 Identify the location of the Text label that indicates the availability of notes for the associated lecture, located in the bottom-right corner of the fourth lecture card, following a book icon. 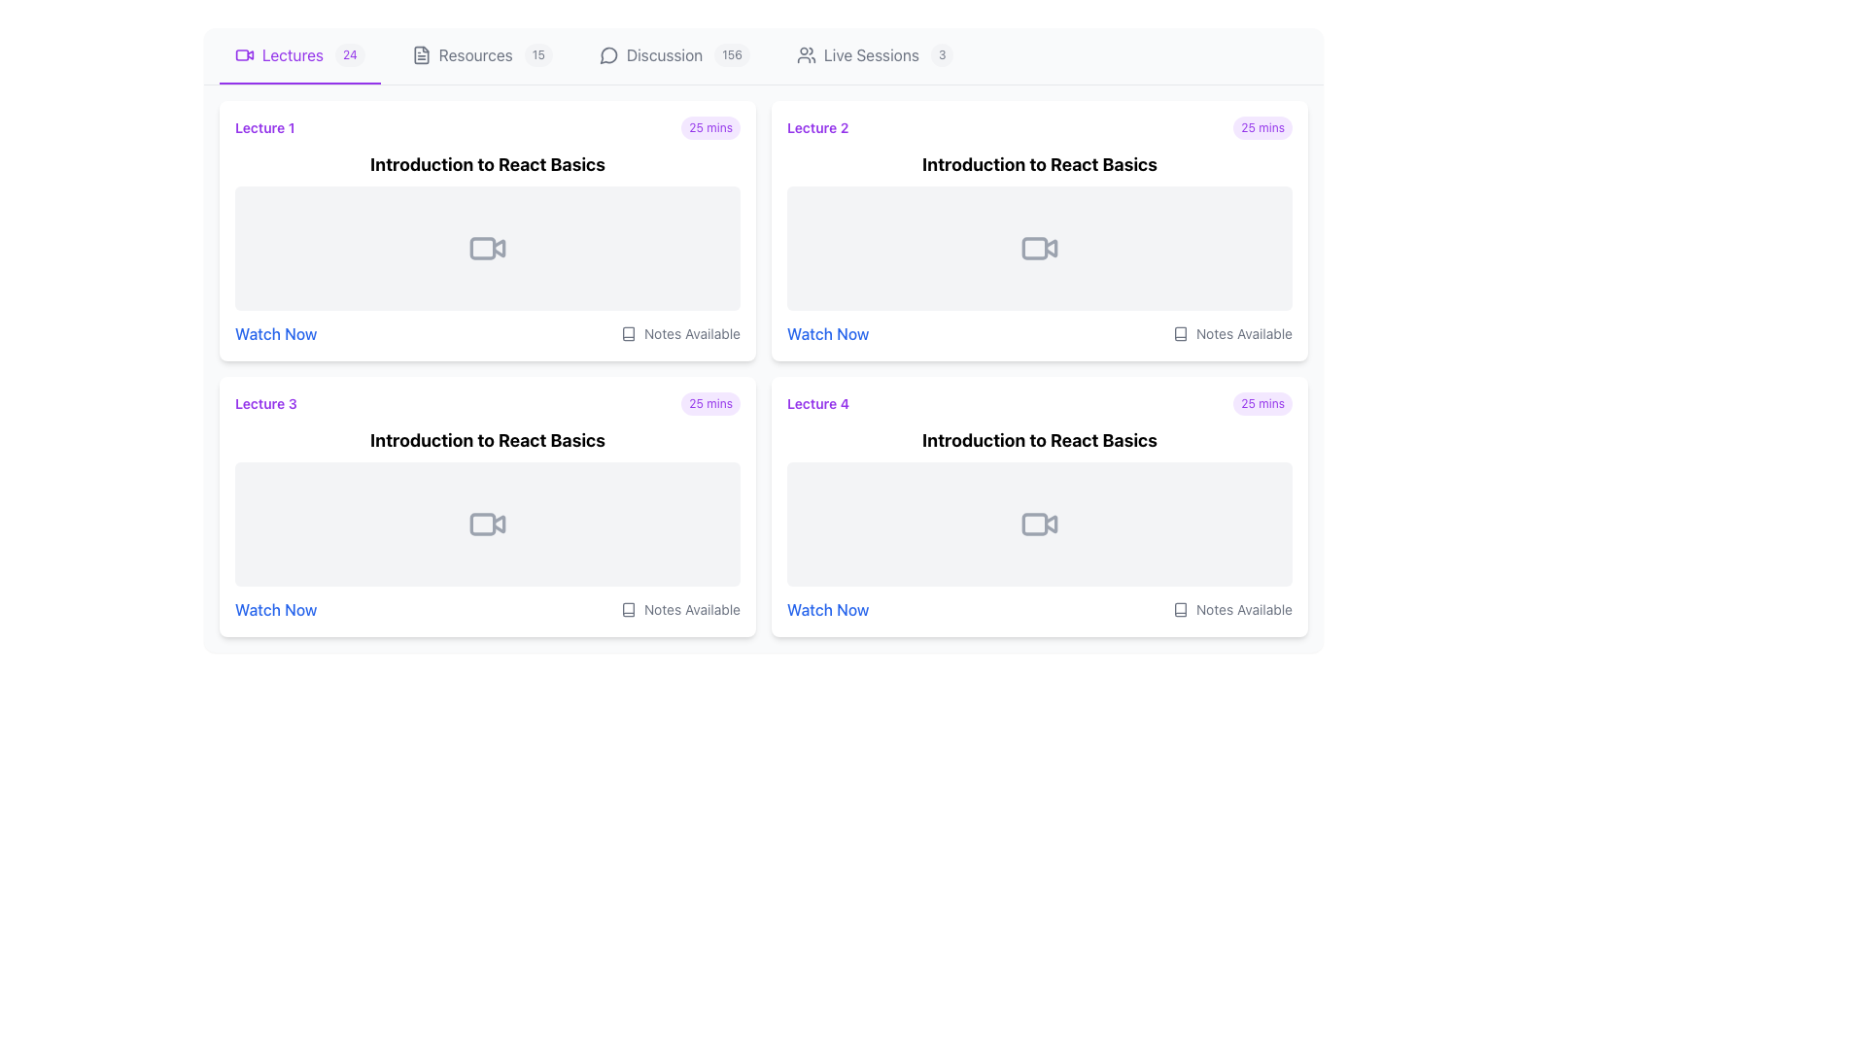
(692, 609).